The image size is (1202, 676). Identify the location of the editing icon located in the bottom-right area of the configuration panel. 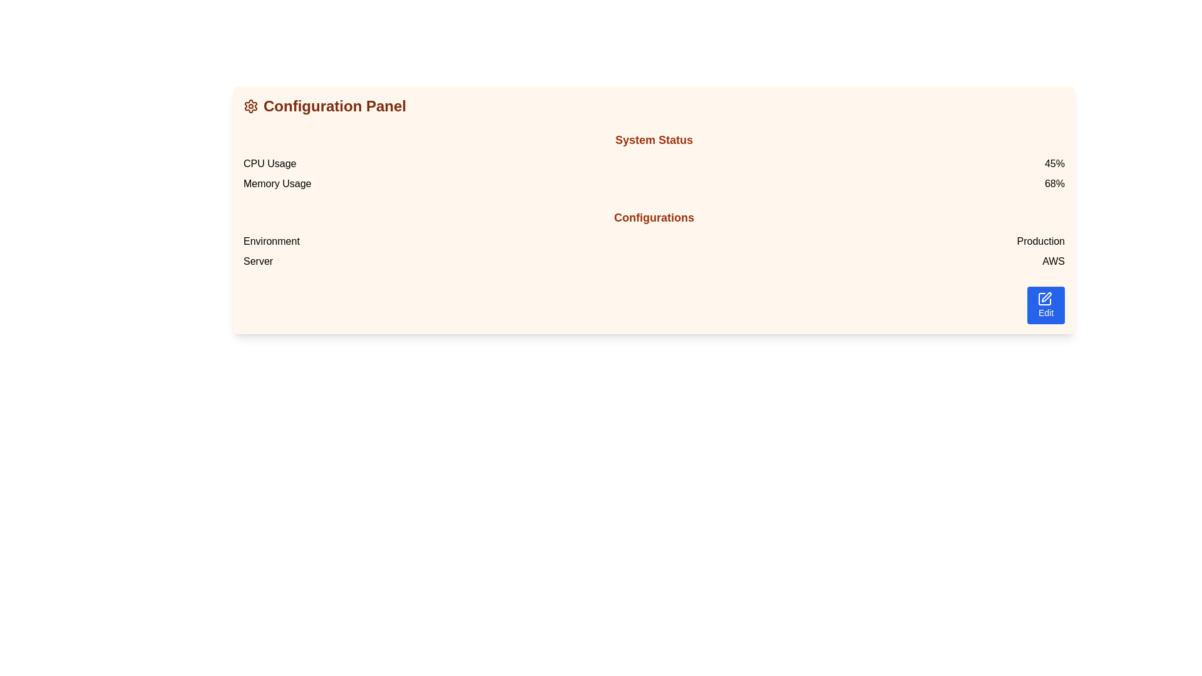
(1046, 297).